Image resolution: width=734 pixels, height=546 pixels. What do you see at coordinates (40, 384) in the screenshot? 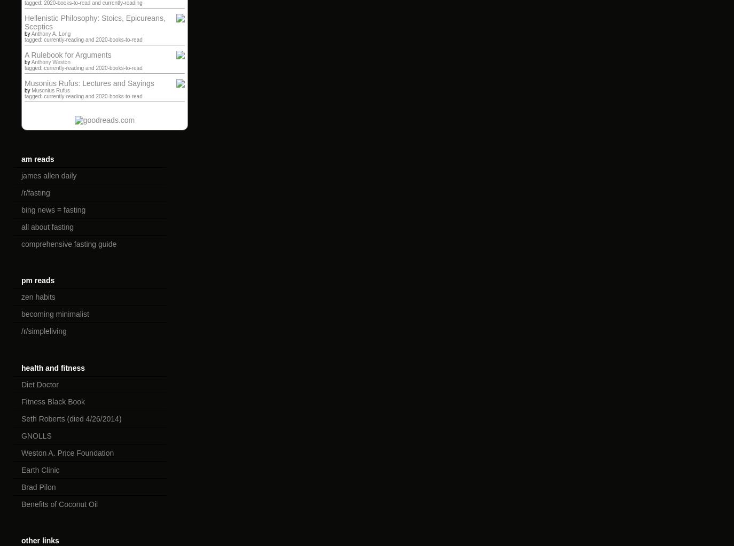
I see `'Diet Doctor'` at bounding box center [40, 384].